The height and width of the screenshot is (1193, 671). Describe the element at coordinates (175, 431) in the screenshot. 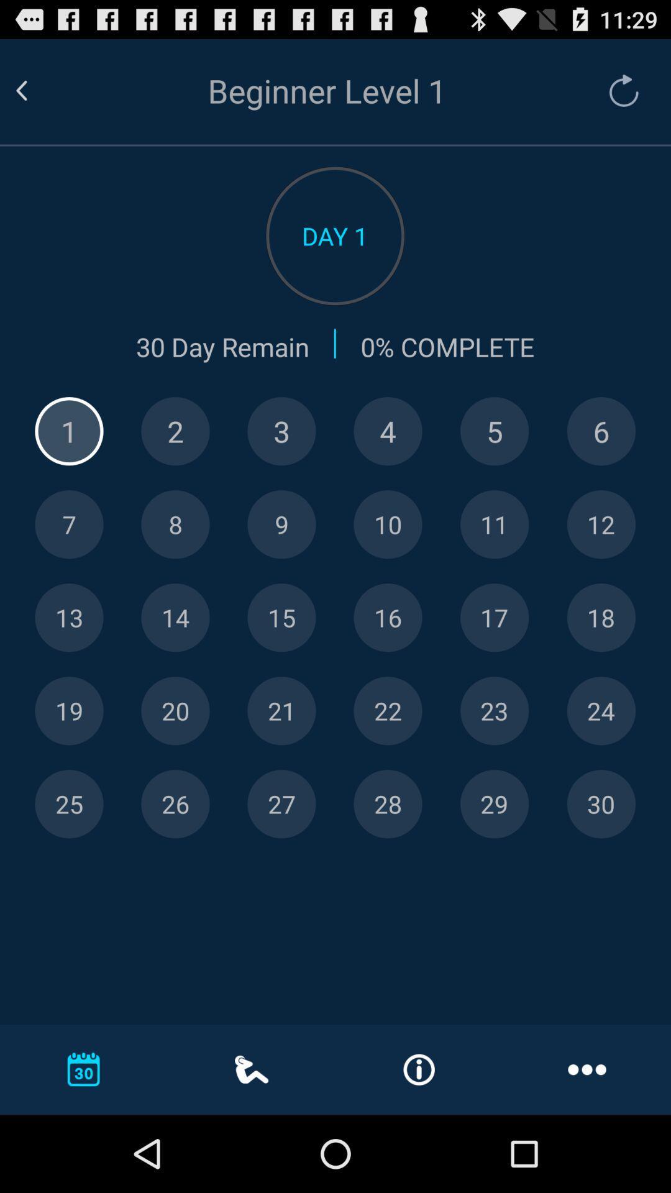

I see `day 2 progress` at that location.